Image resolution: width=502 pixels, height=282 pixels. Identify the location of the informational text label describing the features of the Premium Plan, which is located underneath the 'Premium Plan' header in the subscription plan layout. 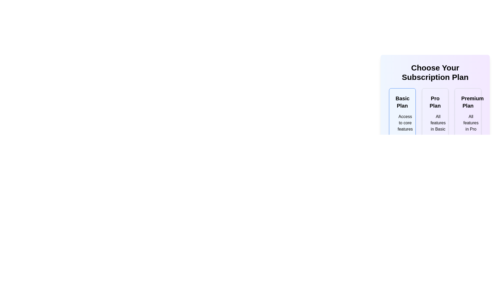
(471, 123).